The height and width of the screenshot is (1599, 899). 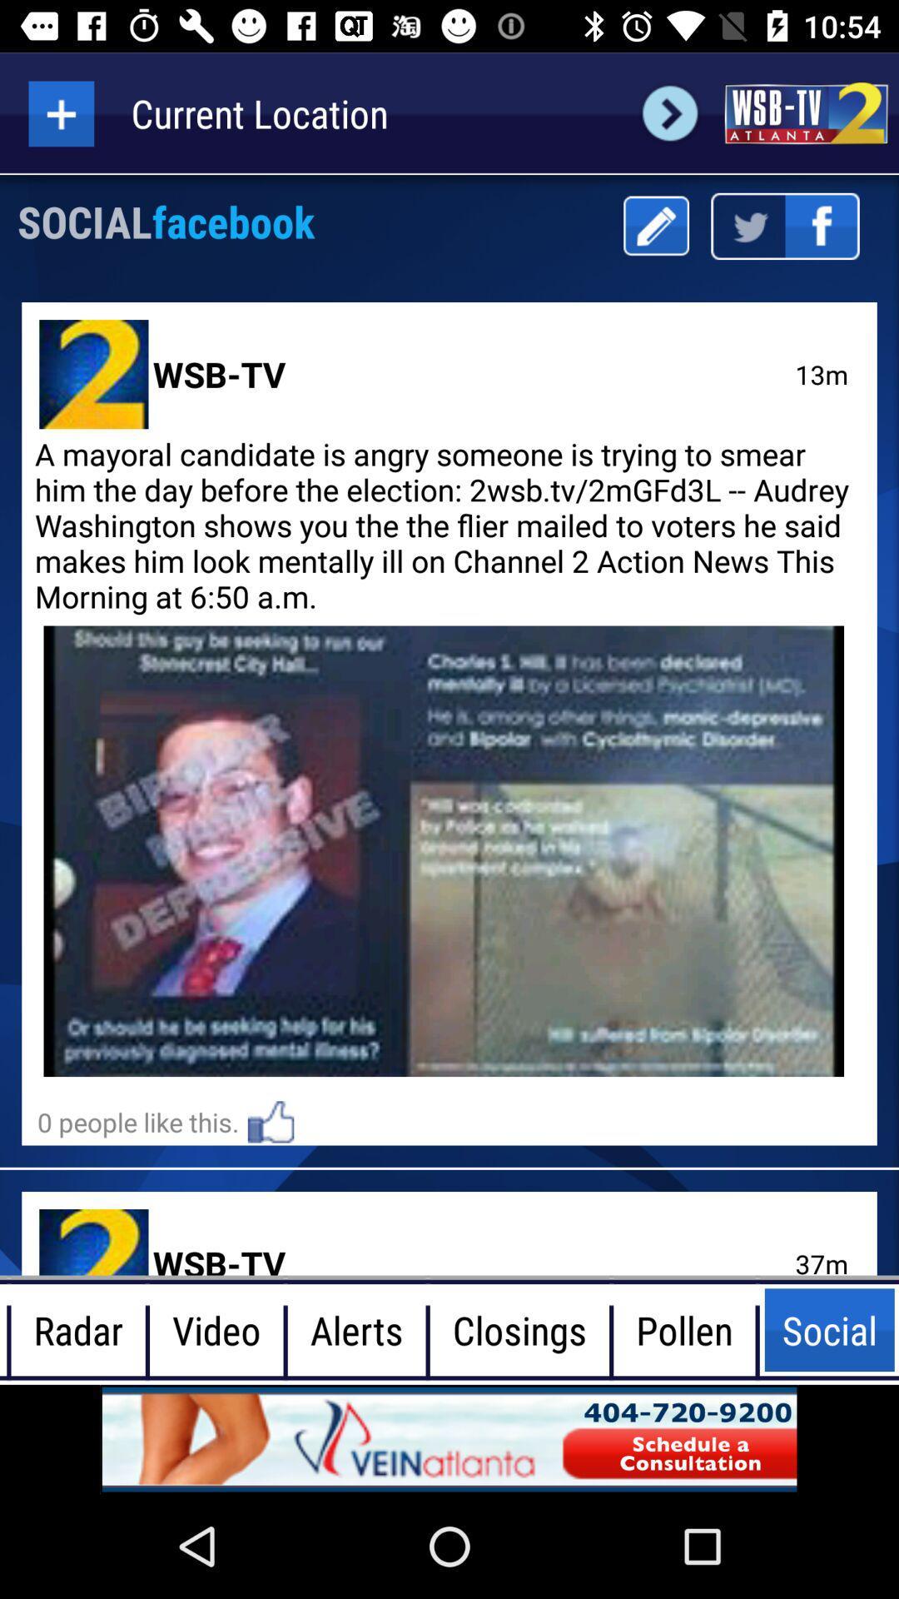 I want to click on more, so click(x=60, y=112).